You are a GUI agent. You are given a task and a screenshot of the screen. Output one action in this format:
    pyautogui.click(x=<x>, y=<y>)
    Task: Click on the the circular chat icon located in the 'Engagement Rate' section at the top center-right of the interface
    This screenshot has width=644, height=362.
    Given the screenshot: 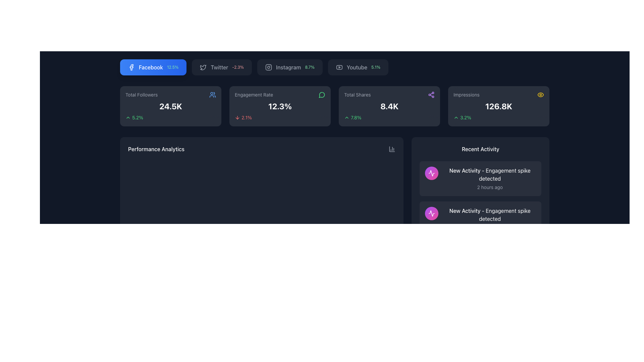 What is the action you would take?
    pyautogui.click(x=321, y=95)
    